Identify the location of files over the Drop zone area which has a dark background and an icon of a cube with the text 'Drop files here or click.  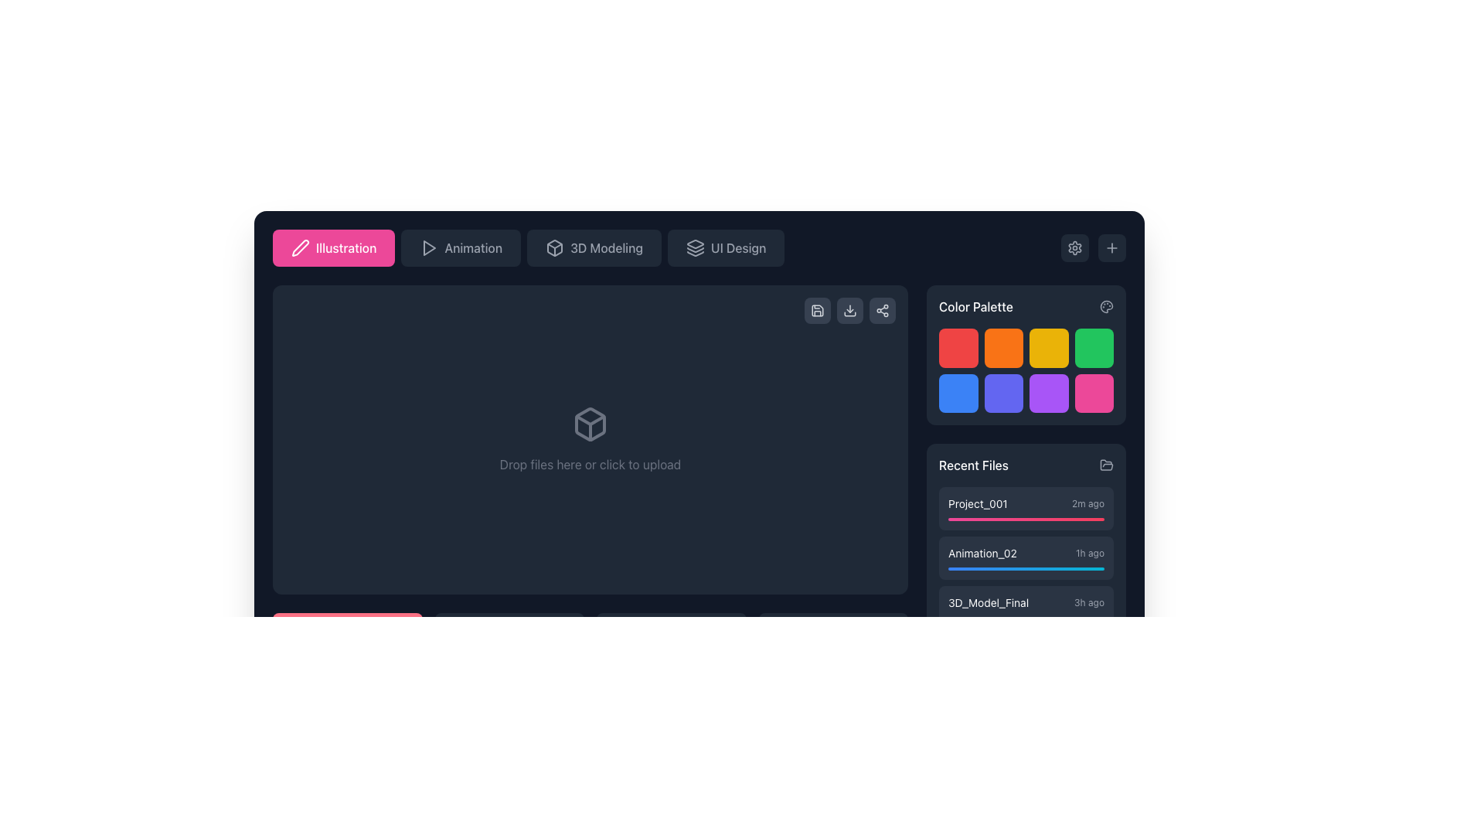
(589, 440).